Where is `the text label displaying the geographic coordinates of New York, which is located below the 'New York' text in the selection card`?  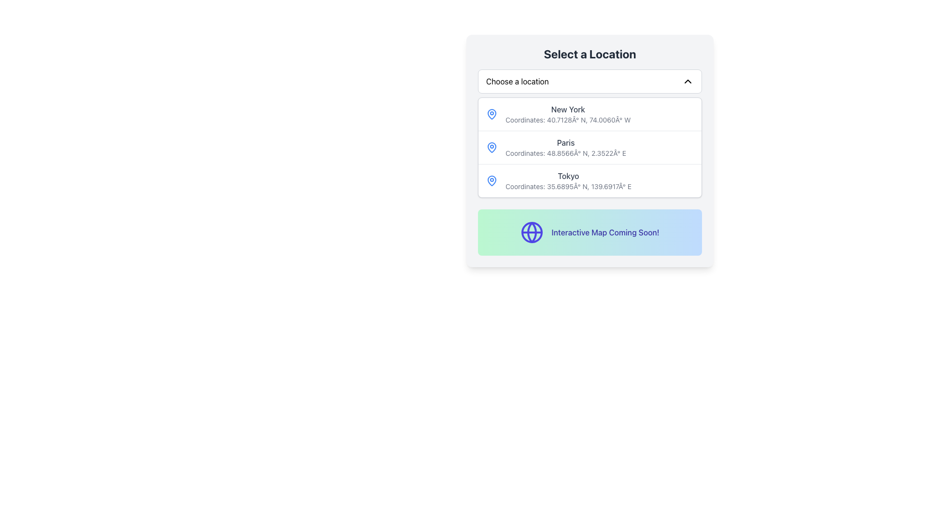 the text label displaying the geographic coordinates of New York, which is located below the 'New York' text in the selection card is located at coordinates (568, 120).